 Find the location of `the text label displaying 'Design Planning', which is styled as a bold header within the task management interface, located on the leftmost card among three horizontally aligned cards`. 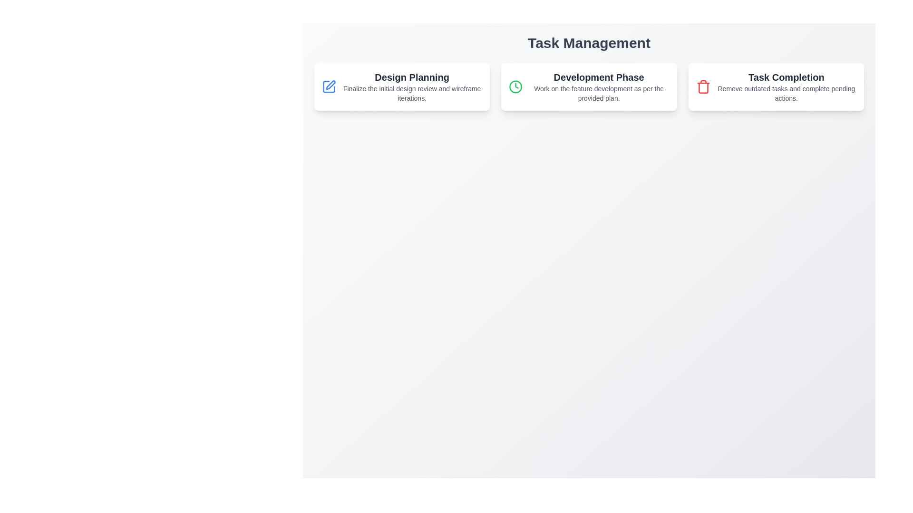

the text label displaying 'Design Planning', which is styled as a bold header within the task management interface, located on the leftmost card among three horizontally aligned cards is located at coordinates (412, 76).